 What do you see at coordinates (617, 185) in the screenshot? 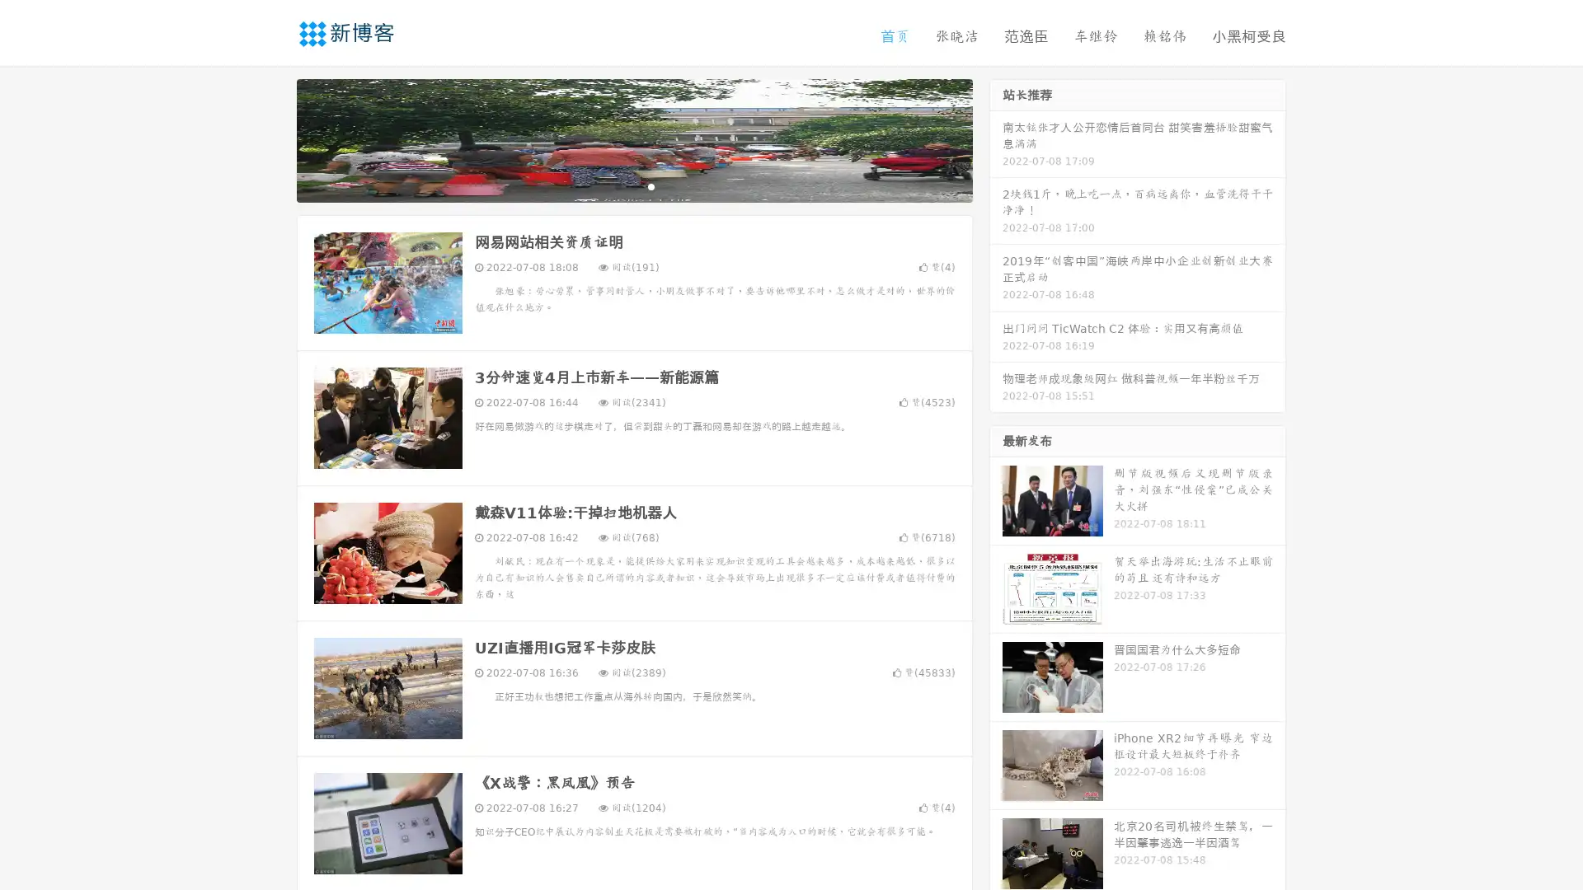
I see `Go to slide 1` at bounding box center [617, 185].